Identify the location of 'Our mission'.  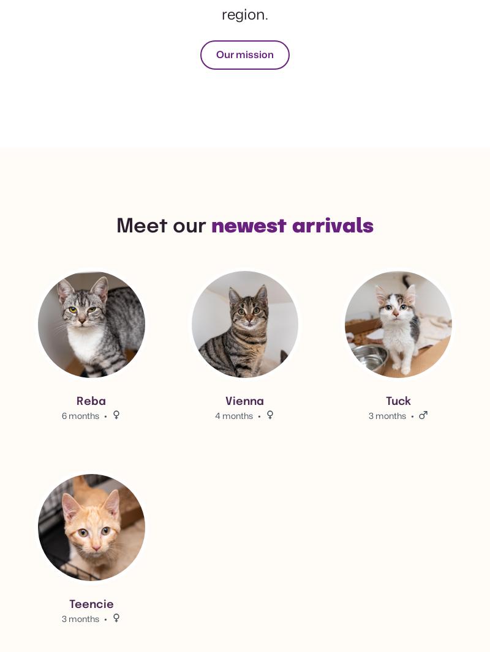
(245, 54).